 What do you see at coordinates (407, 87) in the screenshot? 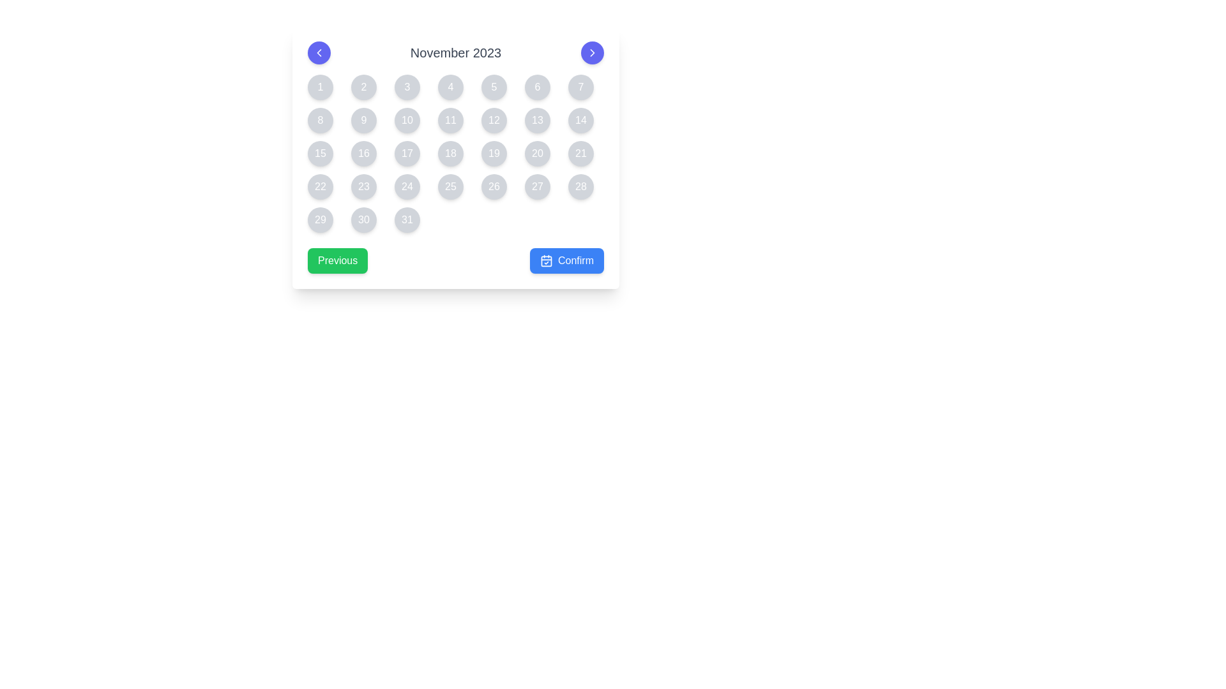
I see `the button representing the third day of November 2023 in the calendar` at bounding box center [407, 87].